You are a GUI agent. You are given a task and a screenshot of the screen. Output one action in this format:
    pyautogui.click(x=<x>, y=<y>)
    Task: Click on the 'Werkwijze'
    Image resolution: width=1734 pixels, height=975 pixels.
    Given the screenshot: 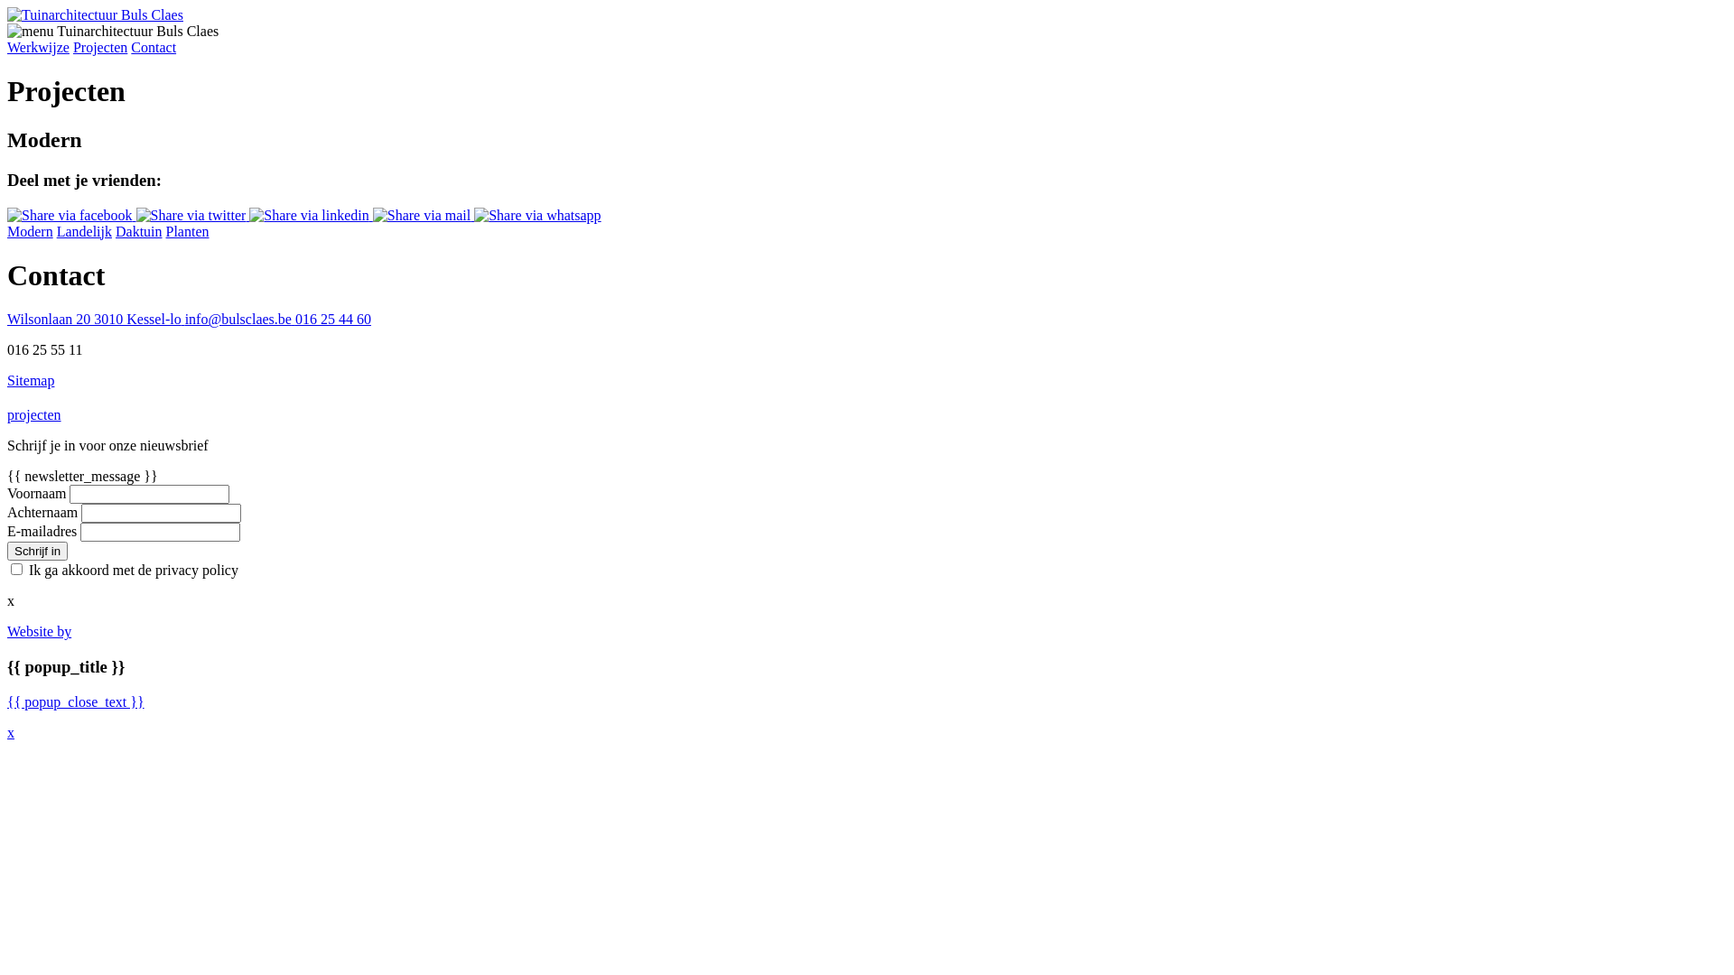 What is the action you would take?
    pyautogui.click(x=38, y=46)
    